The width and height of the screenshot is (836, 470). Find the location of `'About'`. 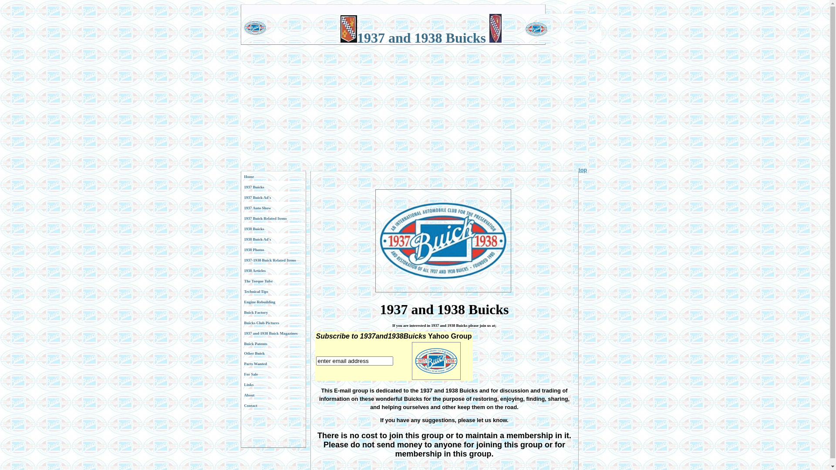

'About' is located at coordinates (273, 395).